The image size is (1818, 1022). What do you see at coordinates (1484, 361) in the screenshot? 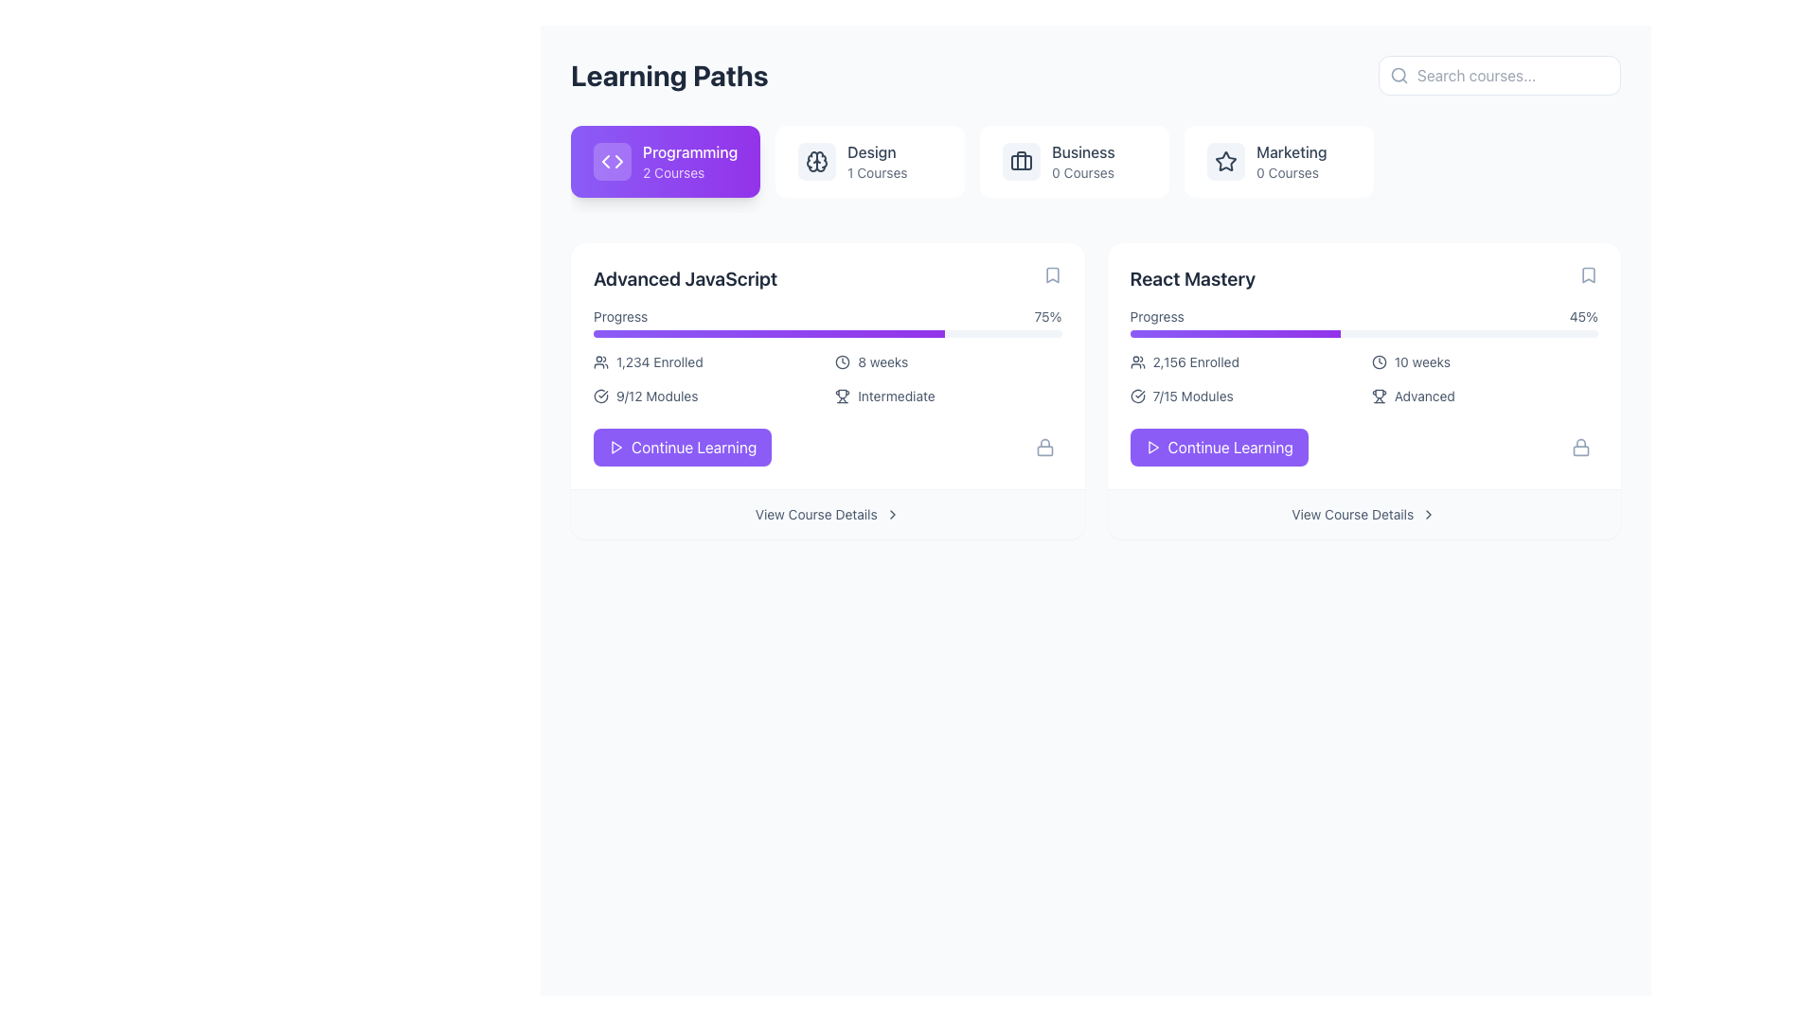
I see `the Label with Icon that displays the duration of the course, indicating it spans 10 weeks, located in the second card on the right within the grid layout of learning paths in the 'React Mastery' section` at bounding box center [1484, 361].